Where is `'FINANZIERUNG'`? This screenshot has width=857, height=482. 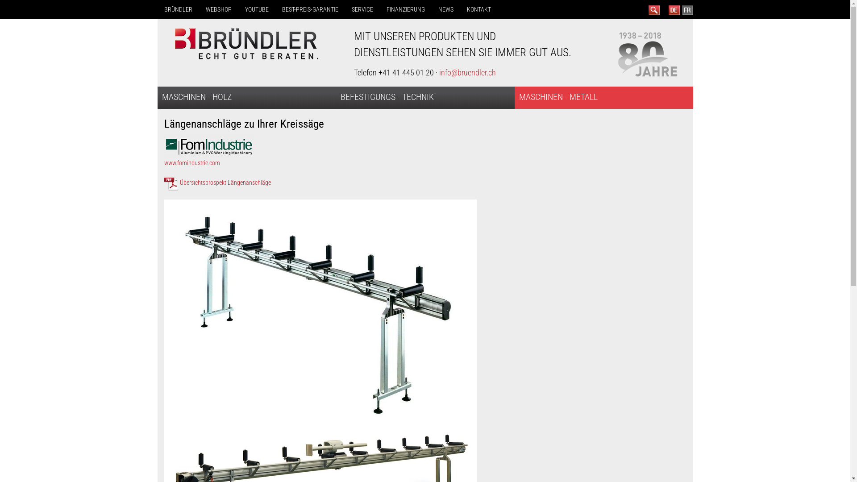 'FINANZIERUNG' is located at coordinates (379, 9).